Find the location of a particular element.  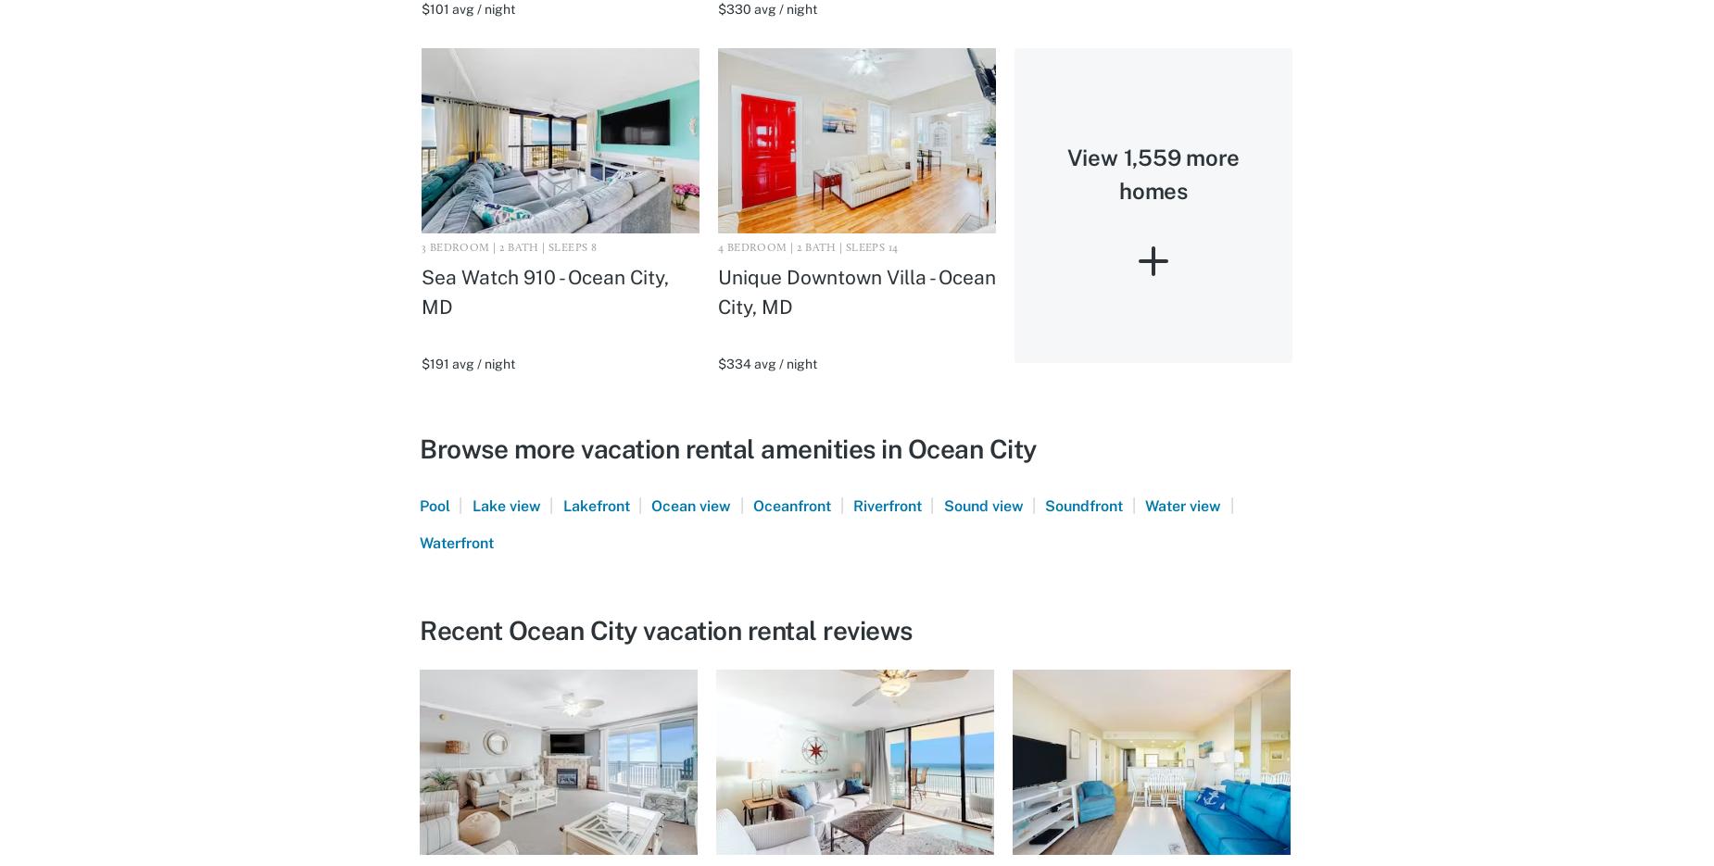

'Recent Ocean City vacation rental reviews' is located at coordinates (665, 629).